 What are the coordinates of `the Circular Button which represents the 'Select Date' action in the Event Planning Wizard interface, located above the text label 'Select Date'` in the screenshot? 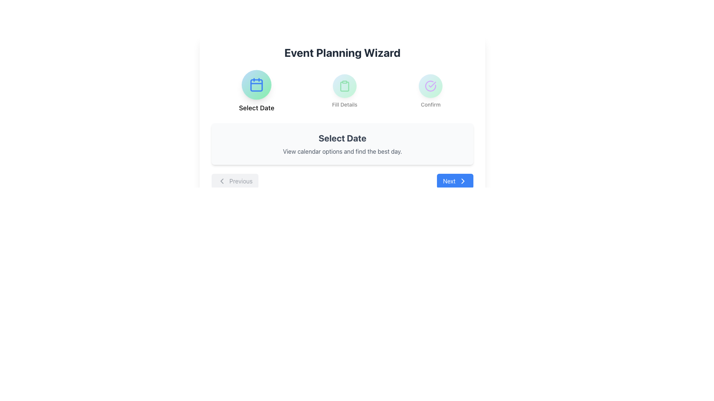 It's located at (256, 84).